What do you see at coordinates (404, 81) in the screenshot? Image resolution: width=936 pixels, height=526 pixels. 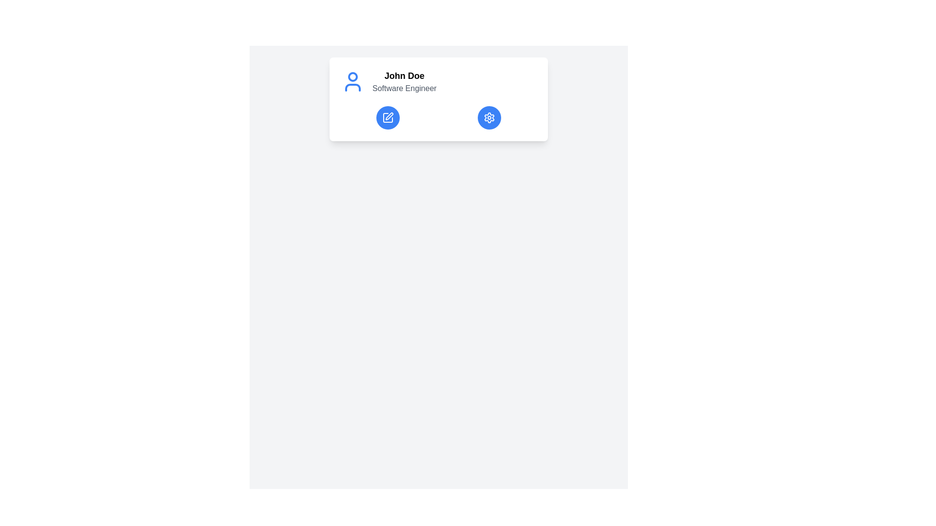 I see `the user's name and designation text block, which is positioned to the right of a blue user profile icon and is the first text content in a horizontal layout` at bounding box center [404, 81].